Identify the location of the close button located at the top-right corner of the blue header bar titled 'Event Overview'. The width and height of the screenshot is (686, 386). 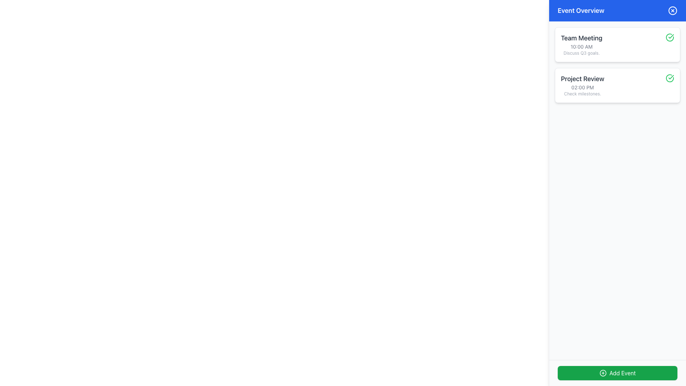
(672, 11).